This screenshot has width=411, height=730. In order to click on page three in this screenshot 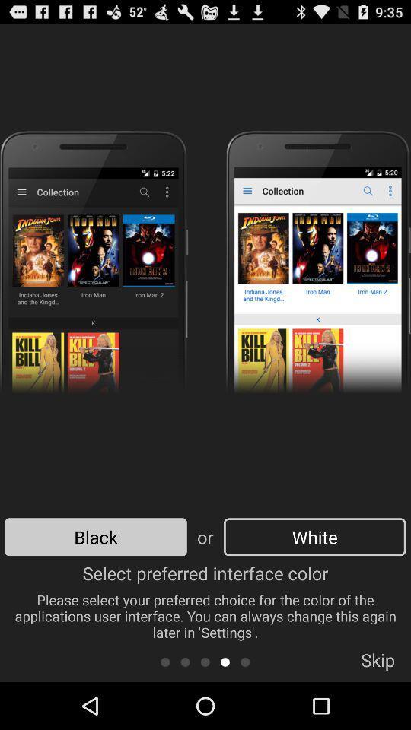, I will do `click(205, 661)`.